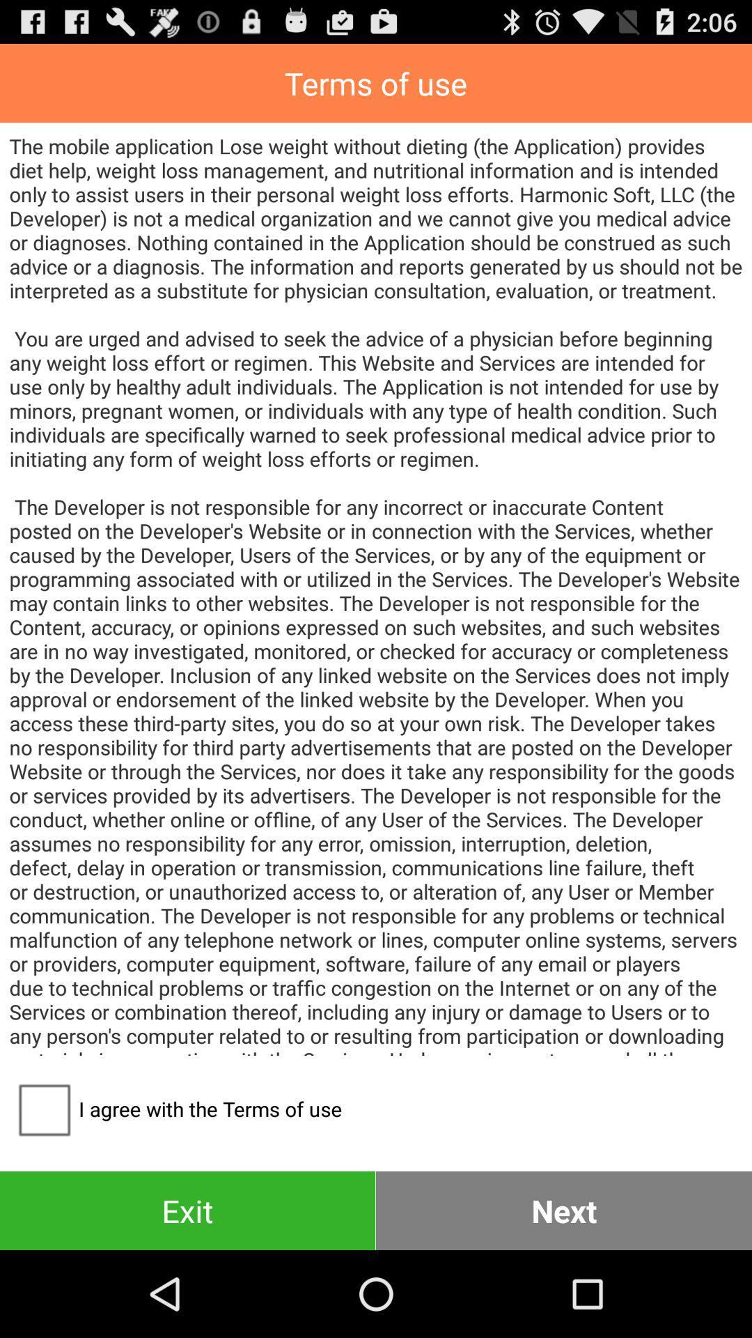  I want to click on item to the left of next button, so click(187, 1210).